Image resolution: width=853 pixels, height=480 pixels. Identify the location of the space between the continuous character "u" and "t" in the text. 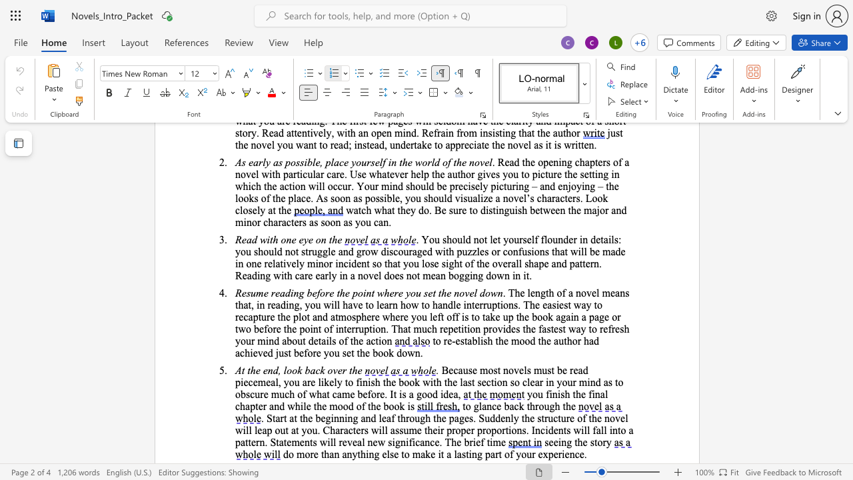
(563, 340).